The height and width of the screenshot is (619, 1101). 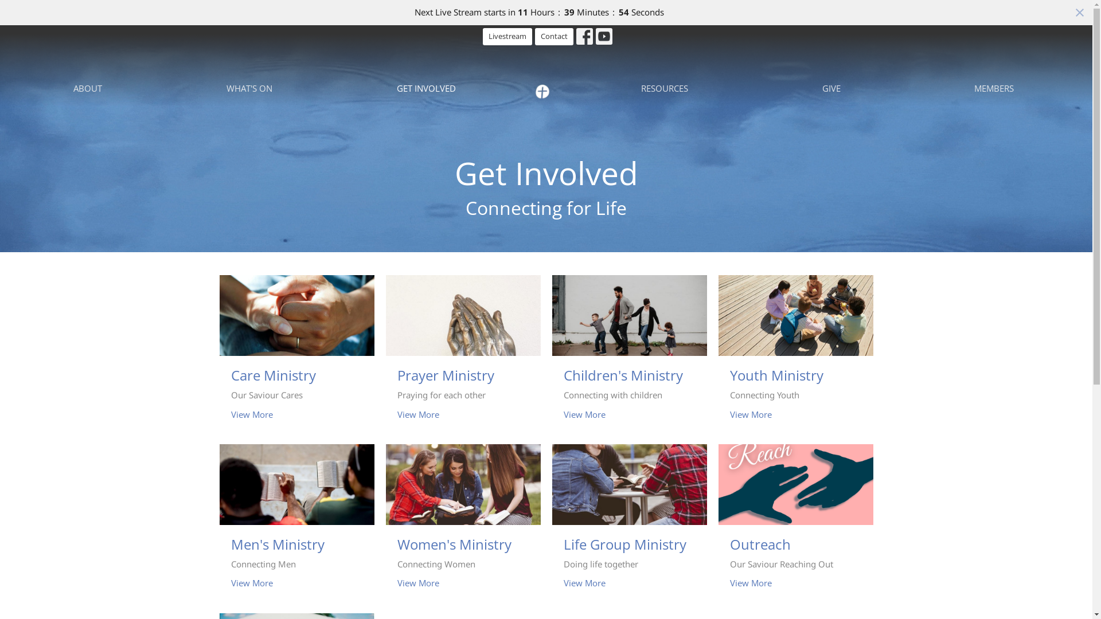 What do you see at coordinates (87, 88) in the screenshot?
I see `'ABOUT'` at bounding box center [87, 88].